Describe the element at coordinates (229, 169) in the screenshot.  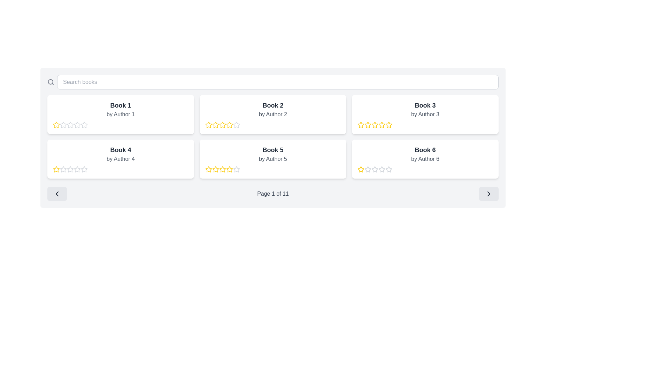
I see `the third star in the five-star rating system for 'Book 5' by 'Author 5' located in the second row, second column of the grid layout` at that location.